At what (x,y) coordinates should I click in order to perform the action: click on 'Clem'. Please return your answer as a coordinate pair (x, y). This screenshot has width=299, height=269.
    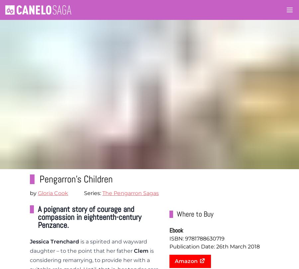
    Looking at the image, I should click on (141, 250).